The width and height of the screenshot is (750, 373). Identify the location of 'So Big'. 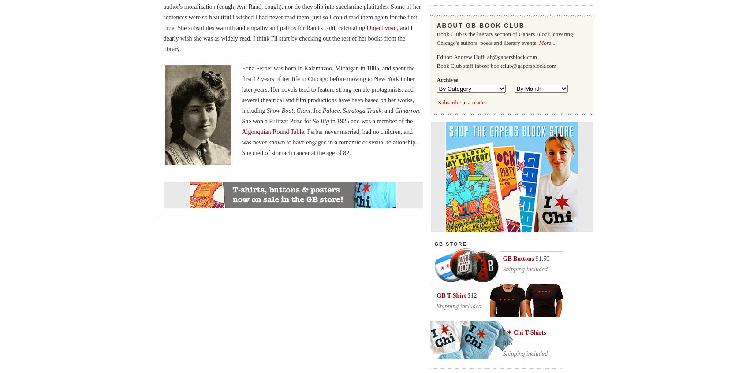
(320, 121).